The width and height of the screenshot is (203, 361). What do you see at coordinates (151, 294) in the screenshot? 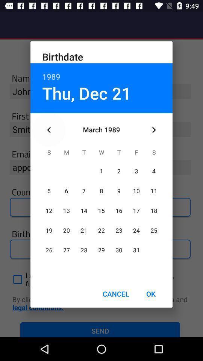
I see `ok at the bottom right corner` at bounding box center [151, 294].